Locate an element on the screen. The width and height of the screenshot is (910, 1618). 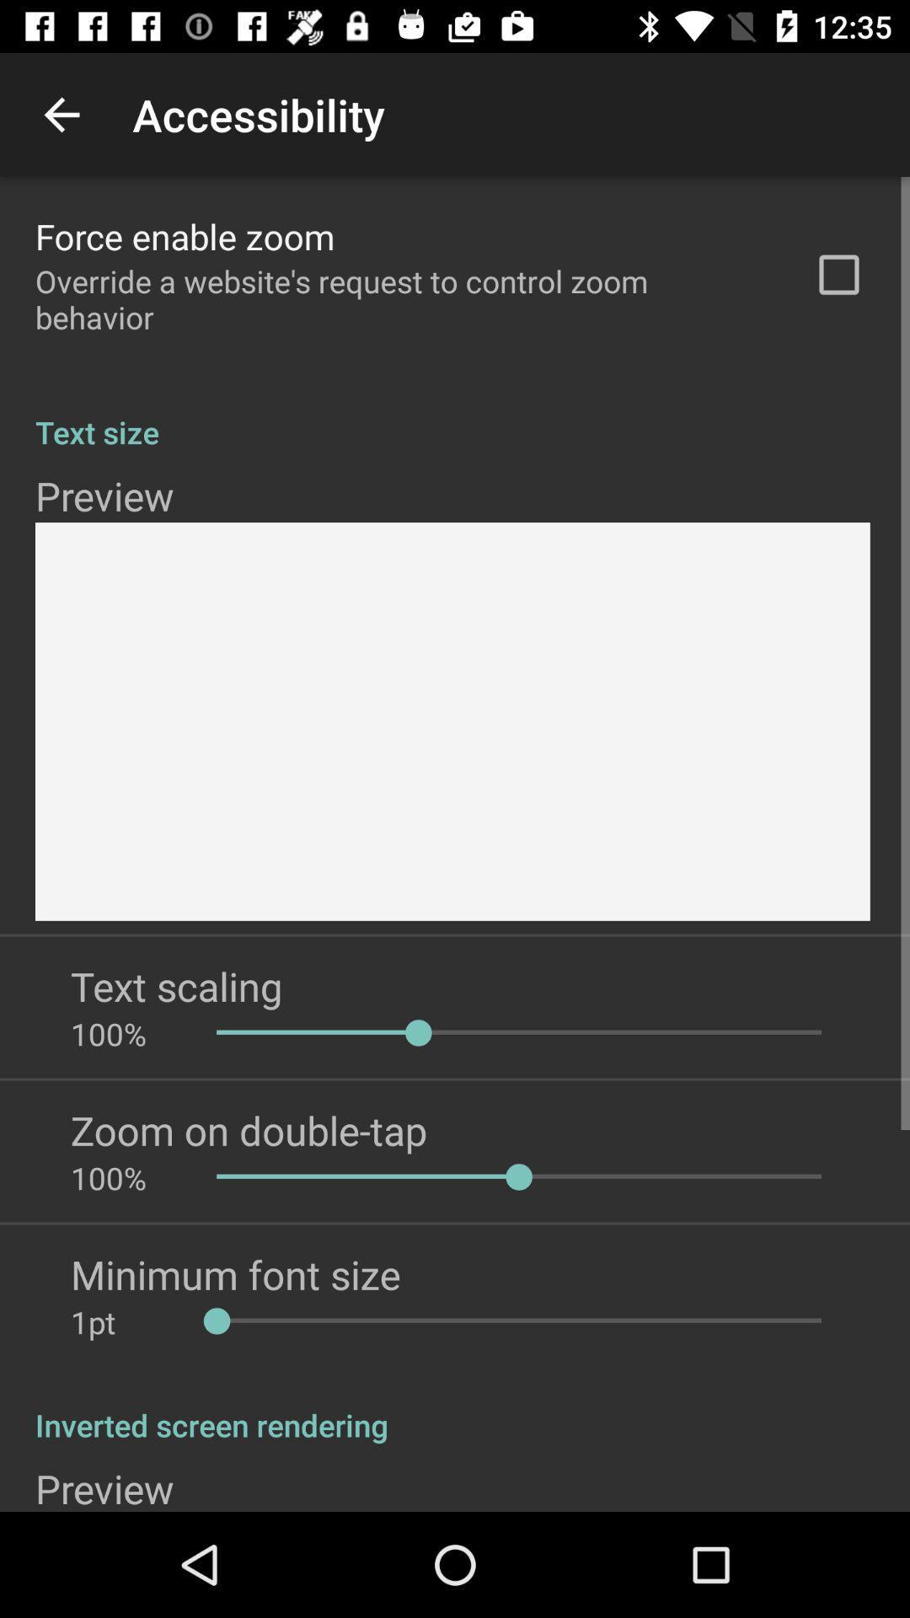
item above the force enable zoom is located at coordinates (61, 114).